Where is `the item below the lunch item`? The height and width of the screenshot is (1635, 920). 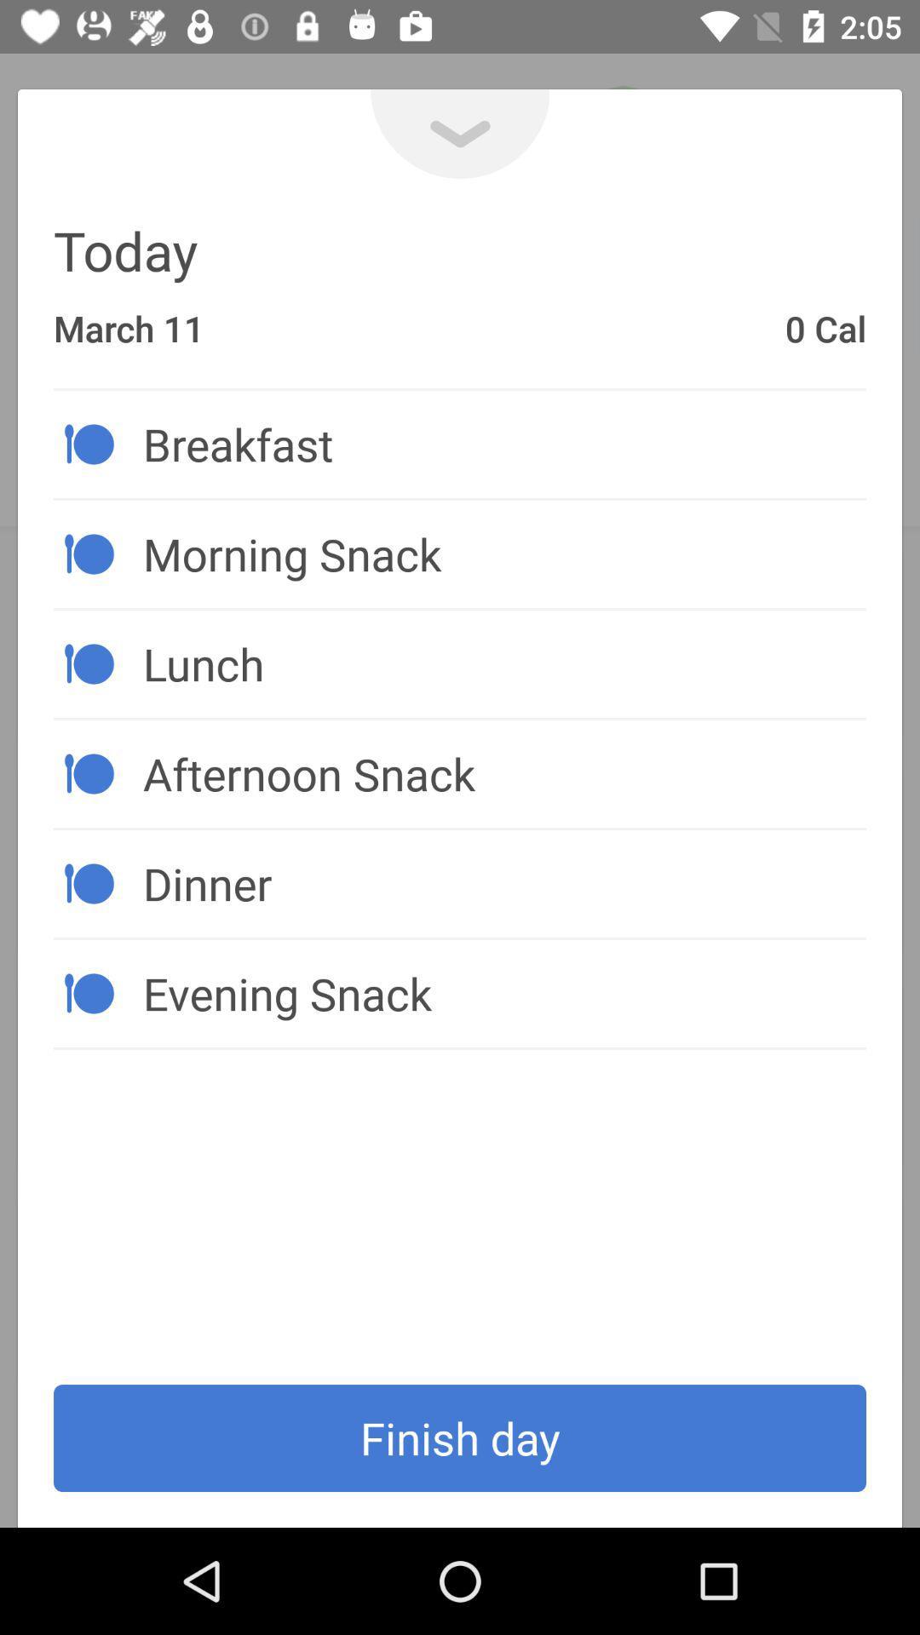
the item below the lunch item is located at coordinates (503, 772).